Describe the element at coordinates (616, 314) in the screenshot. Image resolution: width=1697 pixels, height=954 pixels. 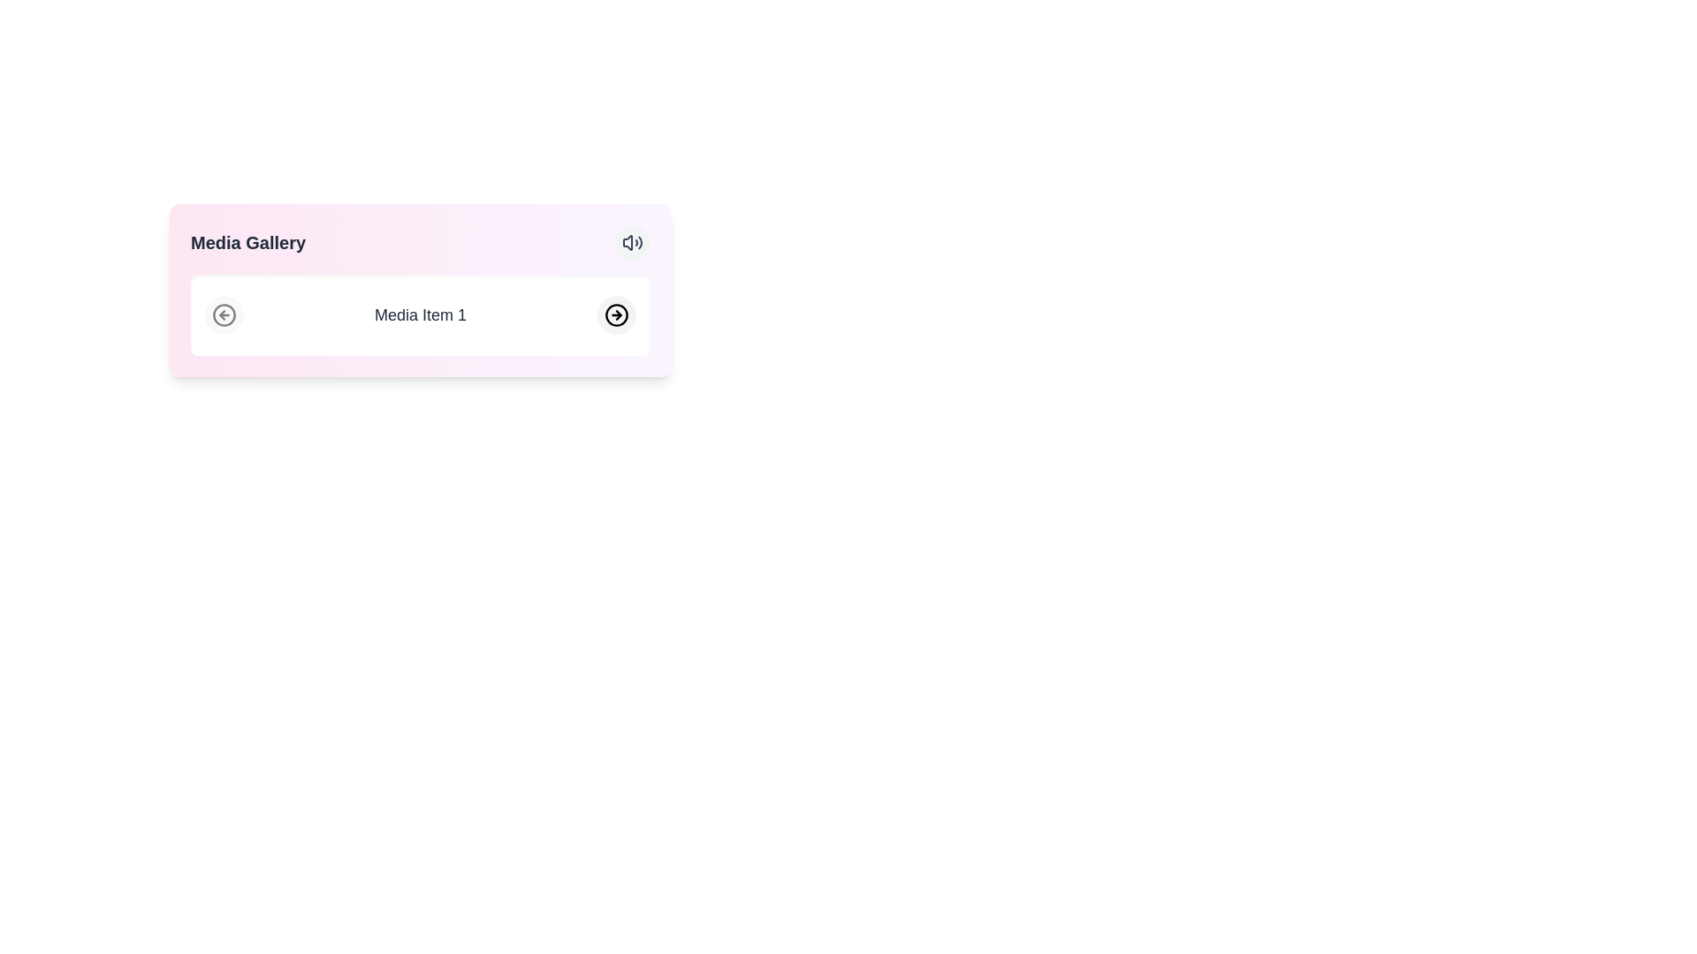
I see `the navigation button with an icon located on the right side of 'Media Item 1'` at that location.